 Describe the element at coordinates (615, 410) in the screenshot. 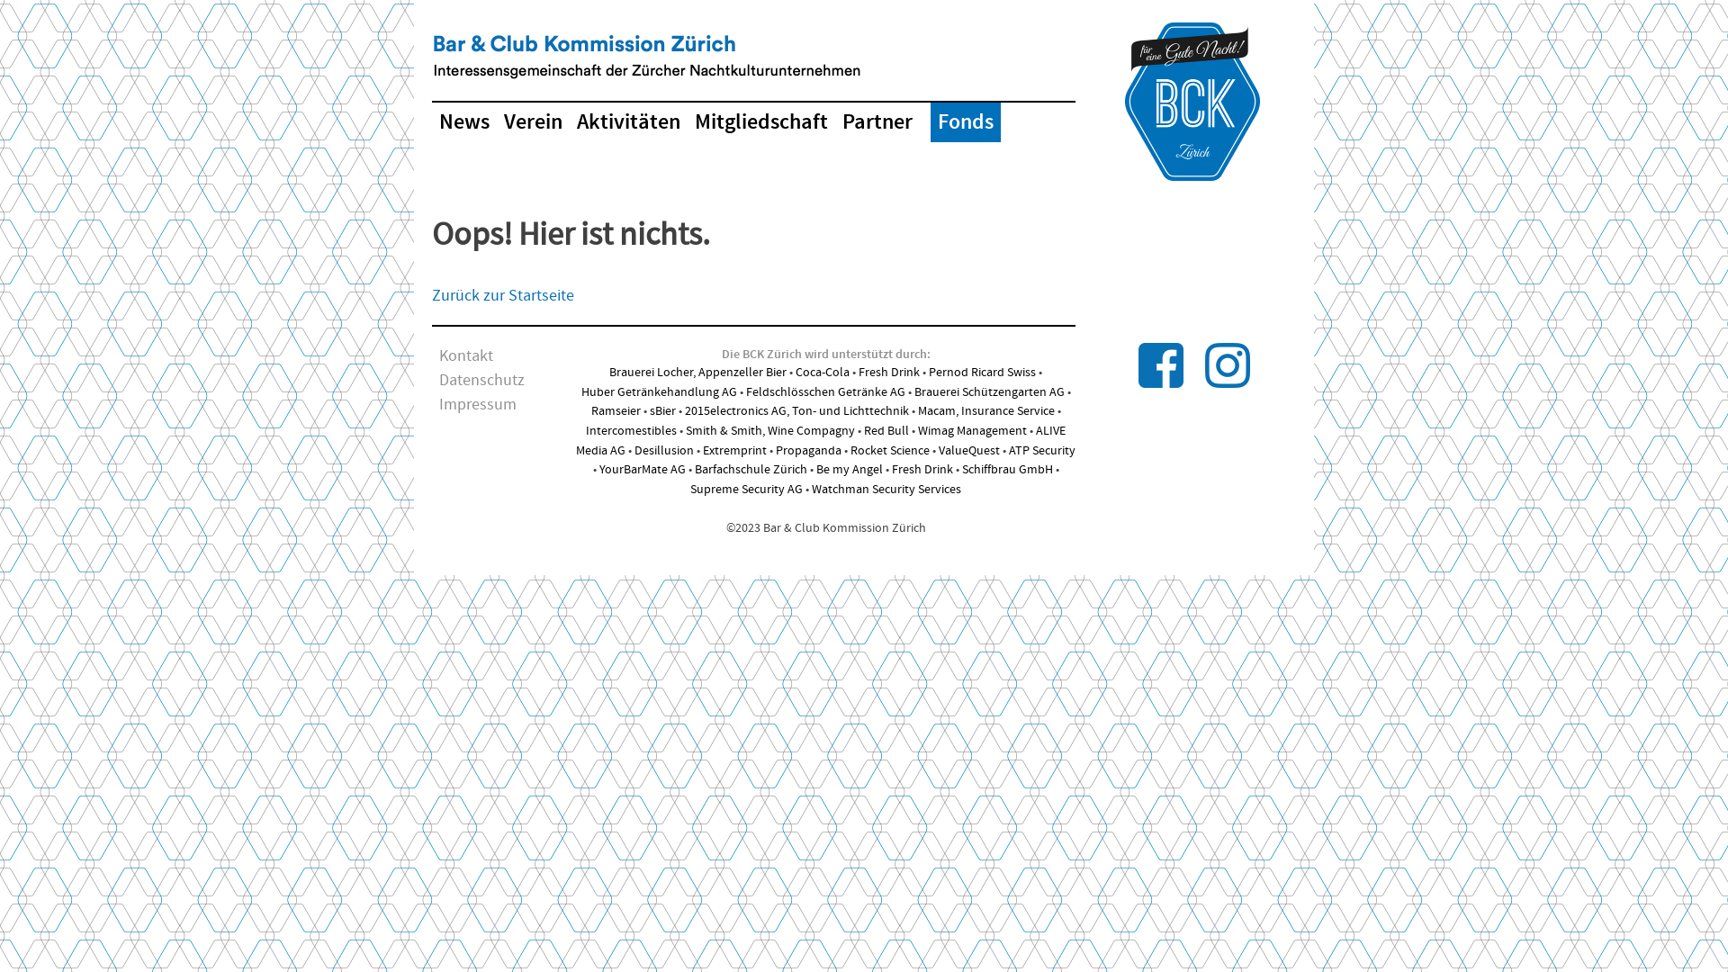

I see `'Ramseier'` at that location.